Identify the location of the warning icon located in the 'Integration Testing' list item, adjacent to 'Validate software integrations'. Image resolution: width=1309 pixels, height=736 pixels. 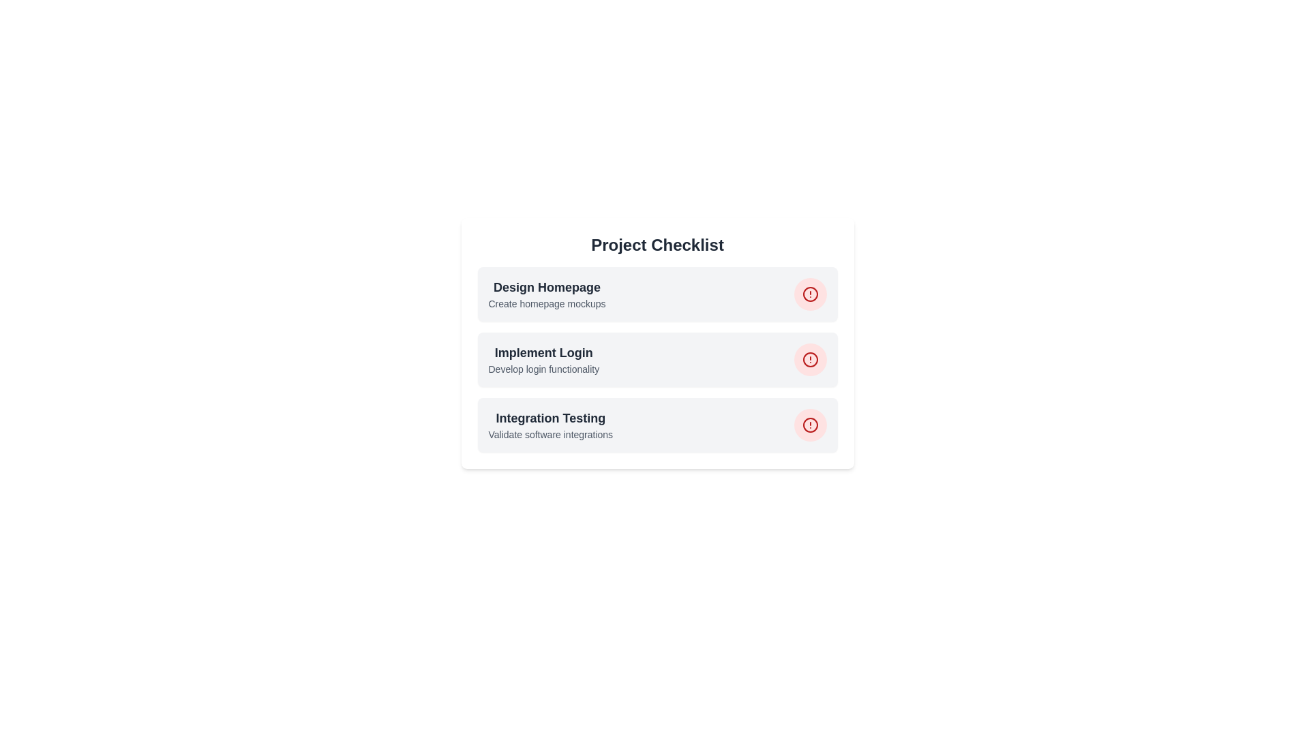
(810, 425).